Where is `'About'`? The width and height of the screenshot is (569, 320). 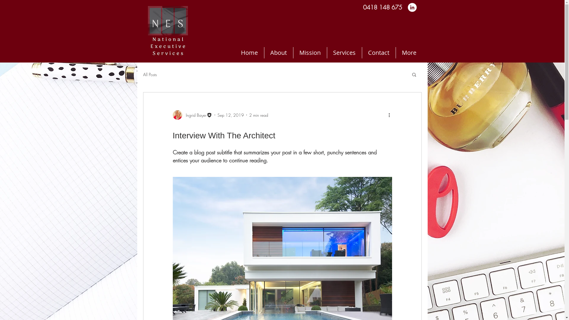 'About' is located at coordinates (278, 52).